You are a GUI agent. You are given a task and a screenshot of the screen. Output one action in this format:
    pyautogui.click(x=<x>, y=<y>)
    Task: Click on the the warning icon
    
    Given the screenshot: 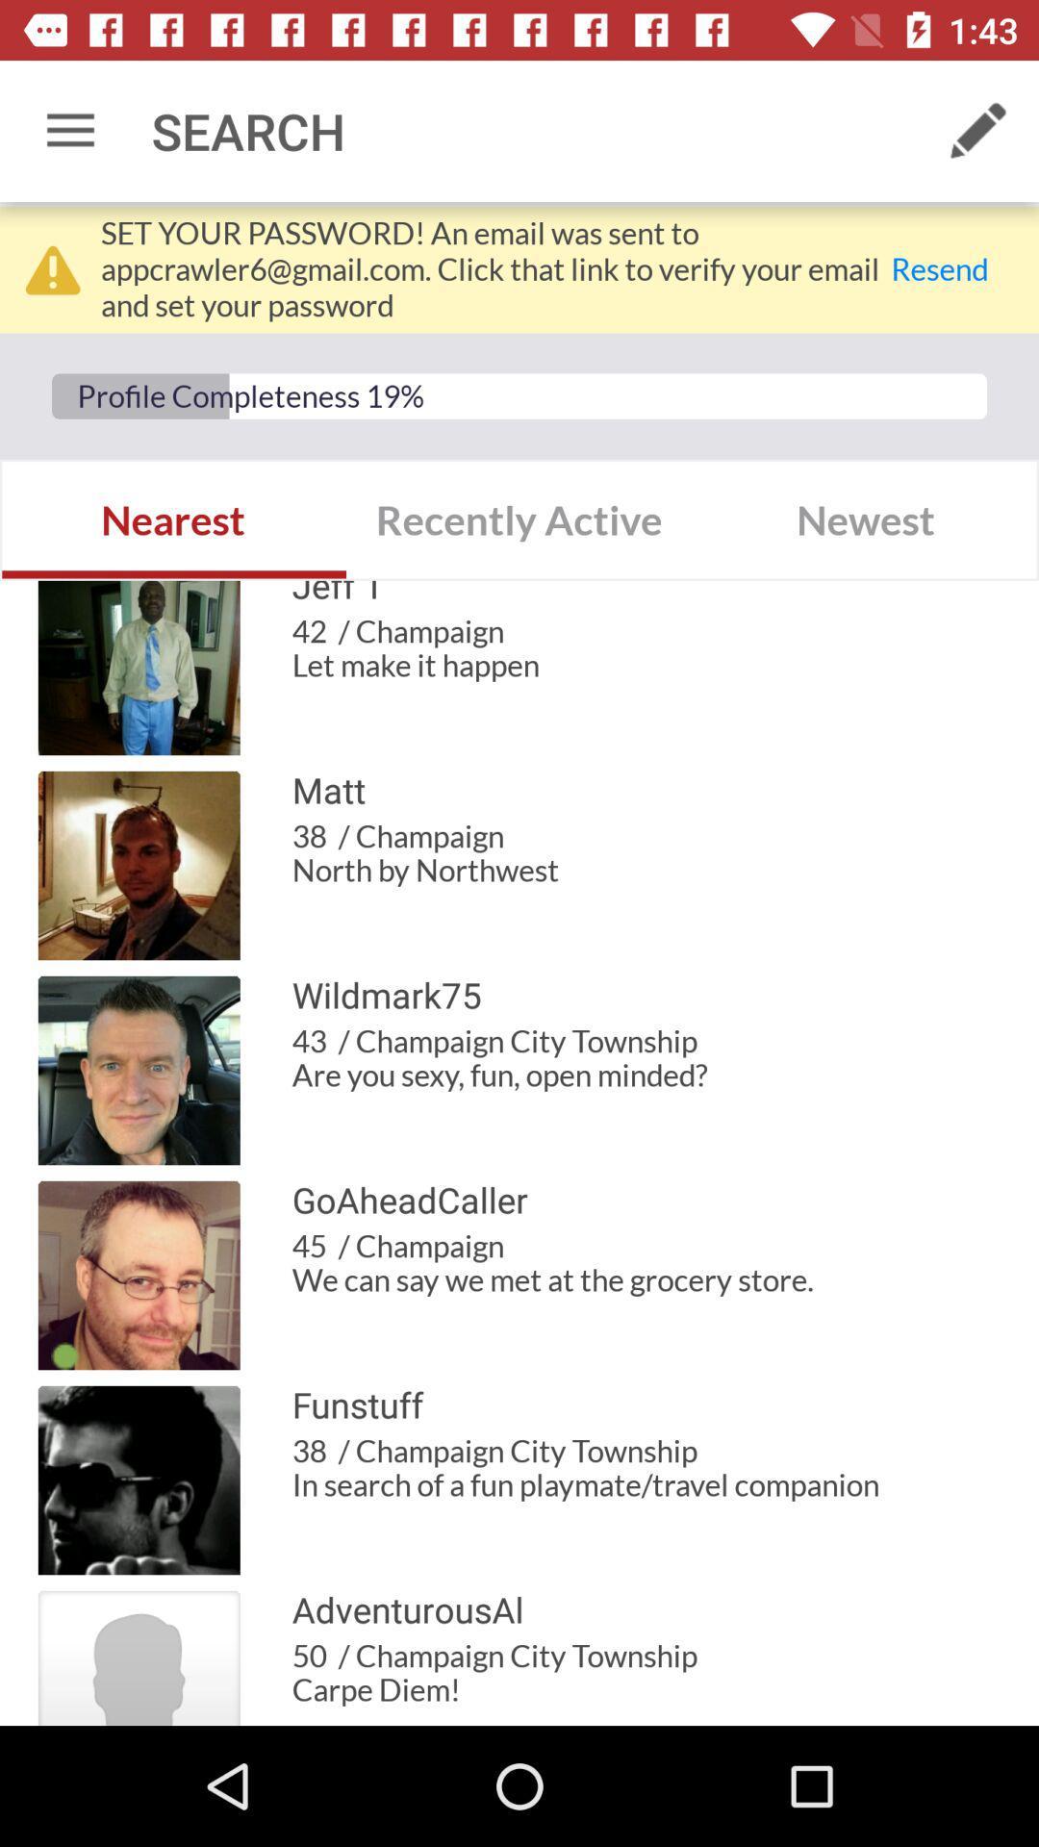 What is the action you would take?
    pyautogui.click(x=52, y=268)
    